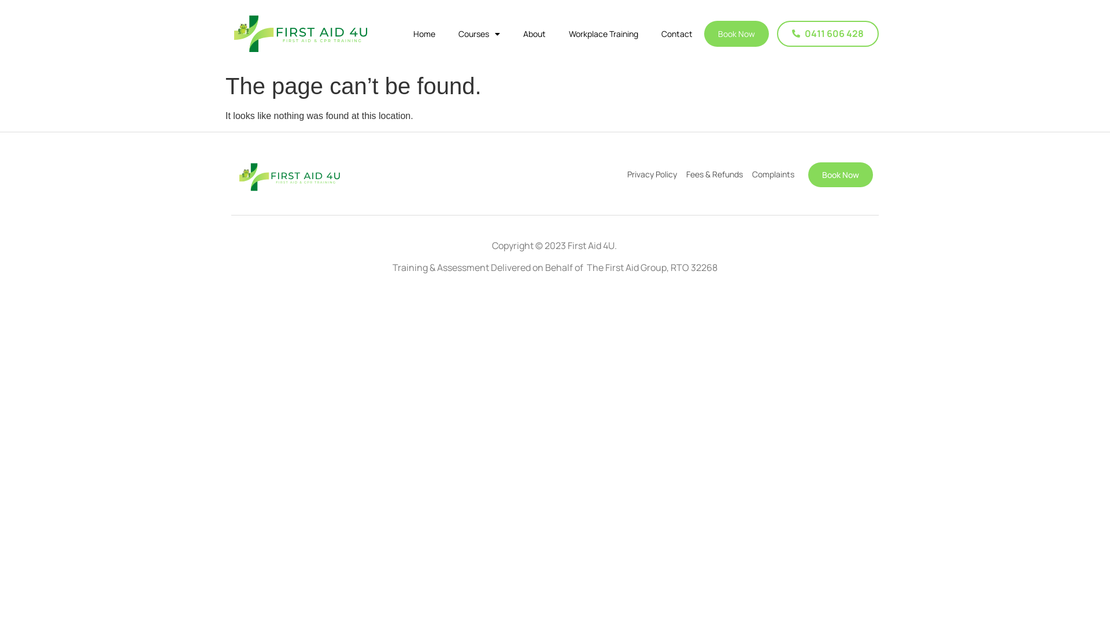  Describe the element at coordinates (602, 33) in the screenshot. I see `'Workplace Training'` at that location.